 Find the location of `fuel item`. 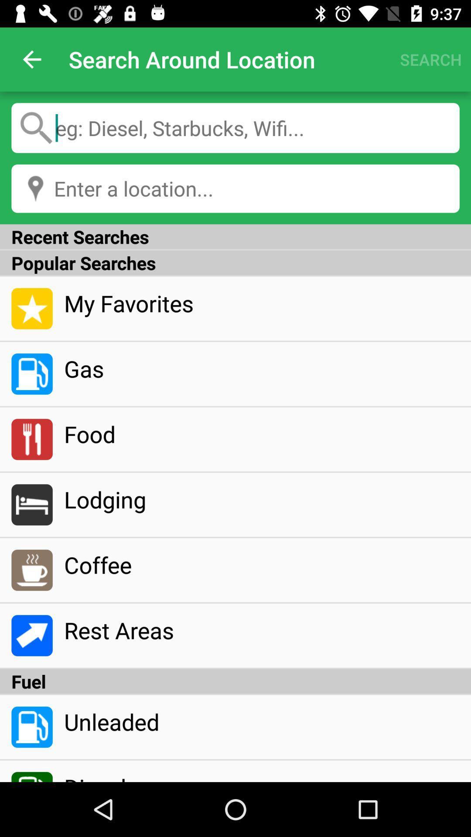

fuel item is located at coordinates (235, 681).